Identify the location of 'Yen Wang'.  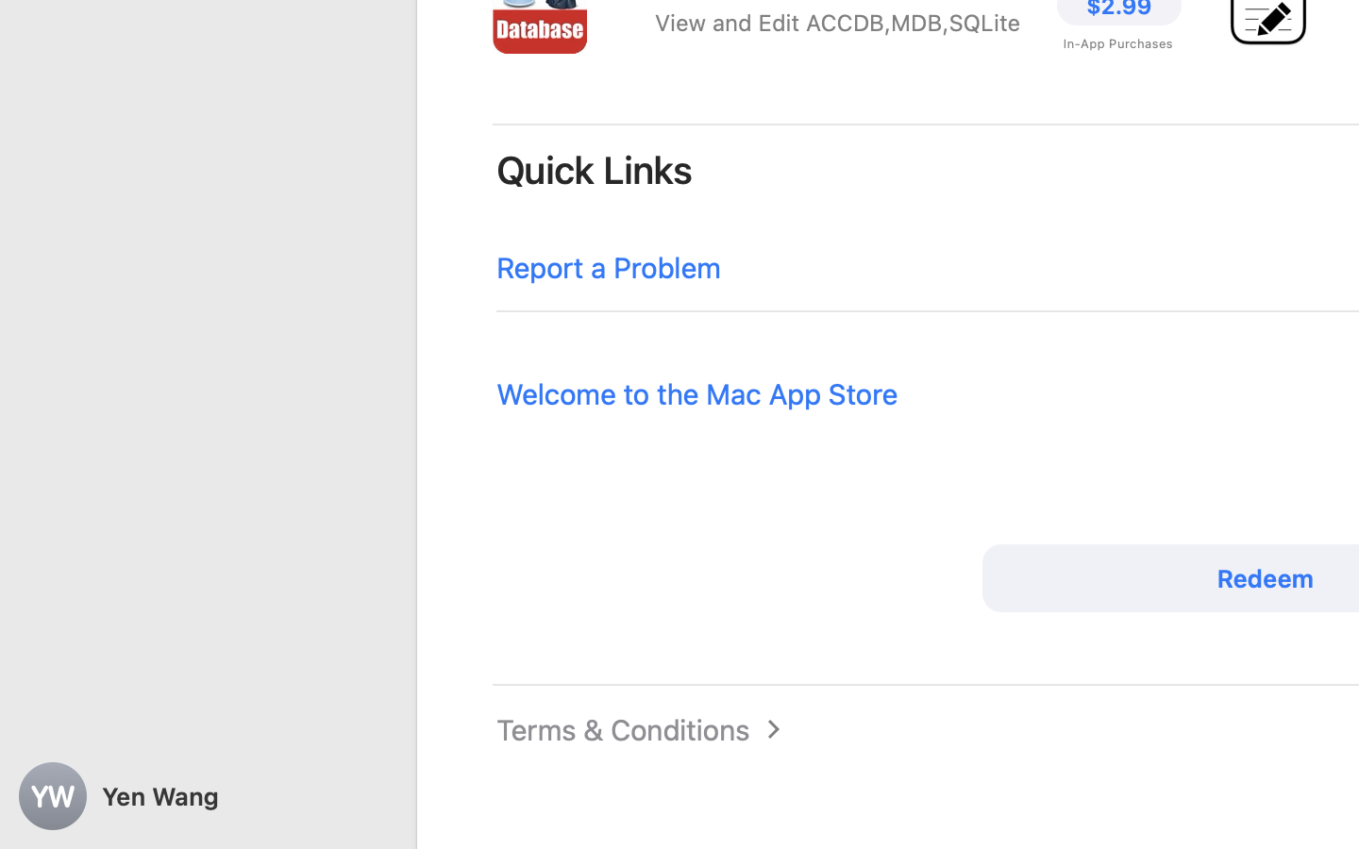
(208, 796).